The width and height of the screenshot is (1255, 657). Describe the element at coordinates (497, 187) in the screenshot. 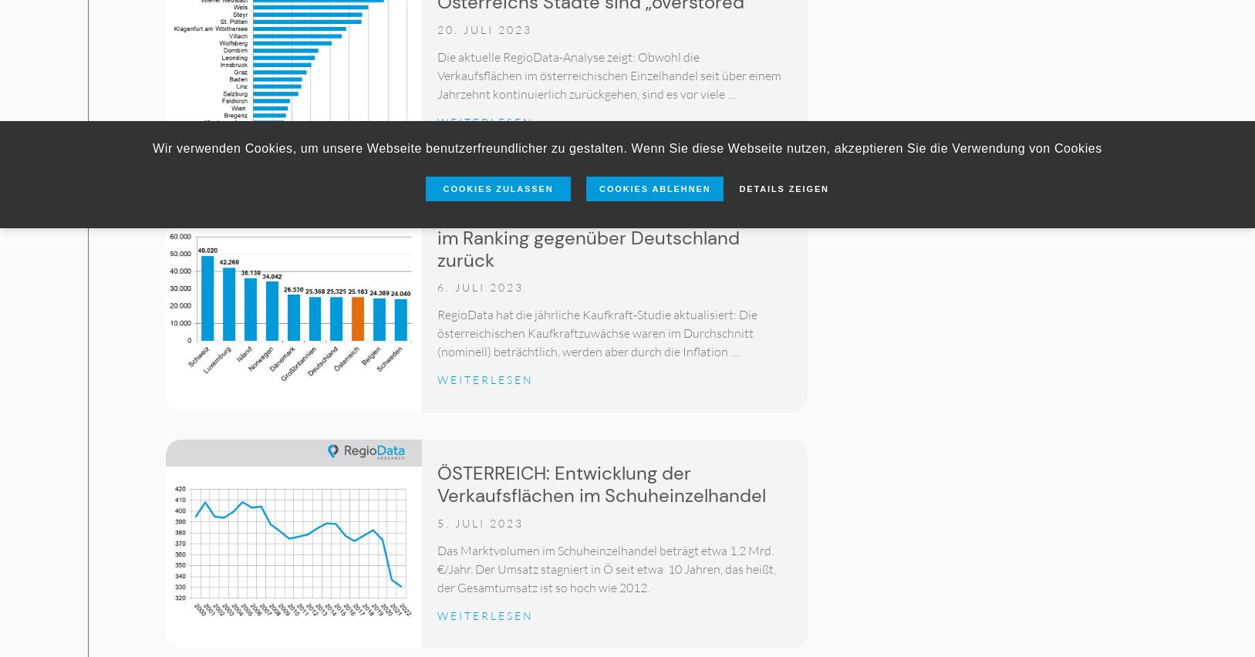

I see `'Cookies zulassen'` at that location.